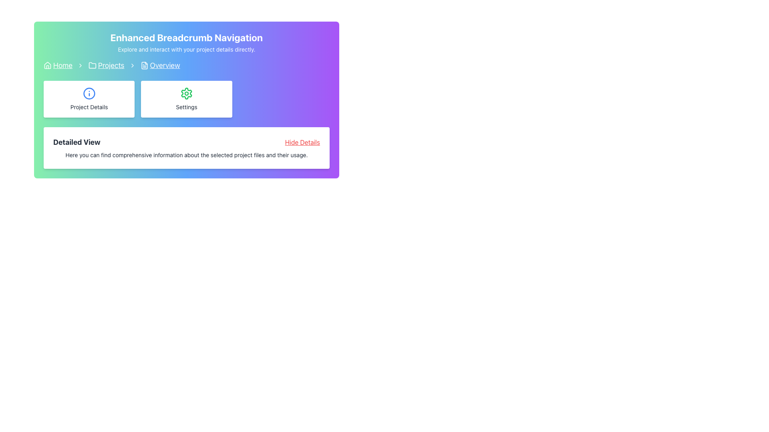  Describe the element at coordinates (92, 64) in the screenshot. I see `folder icon located in the breadcrumb navigation bar, which is styled with a turquoise fill and modern outline design, positioned between the 'Home' and 'Projects' labels` at that location.